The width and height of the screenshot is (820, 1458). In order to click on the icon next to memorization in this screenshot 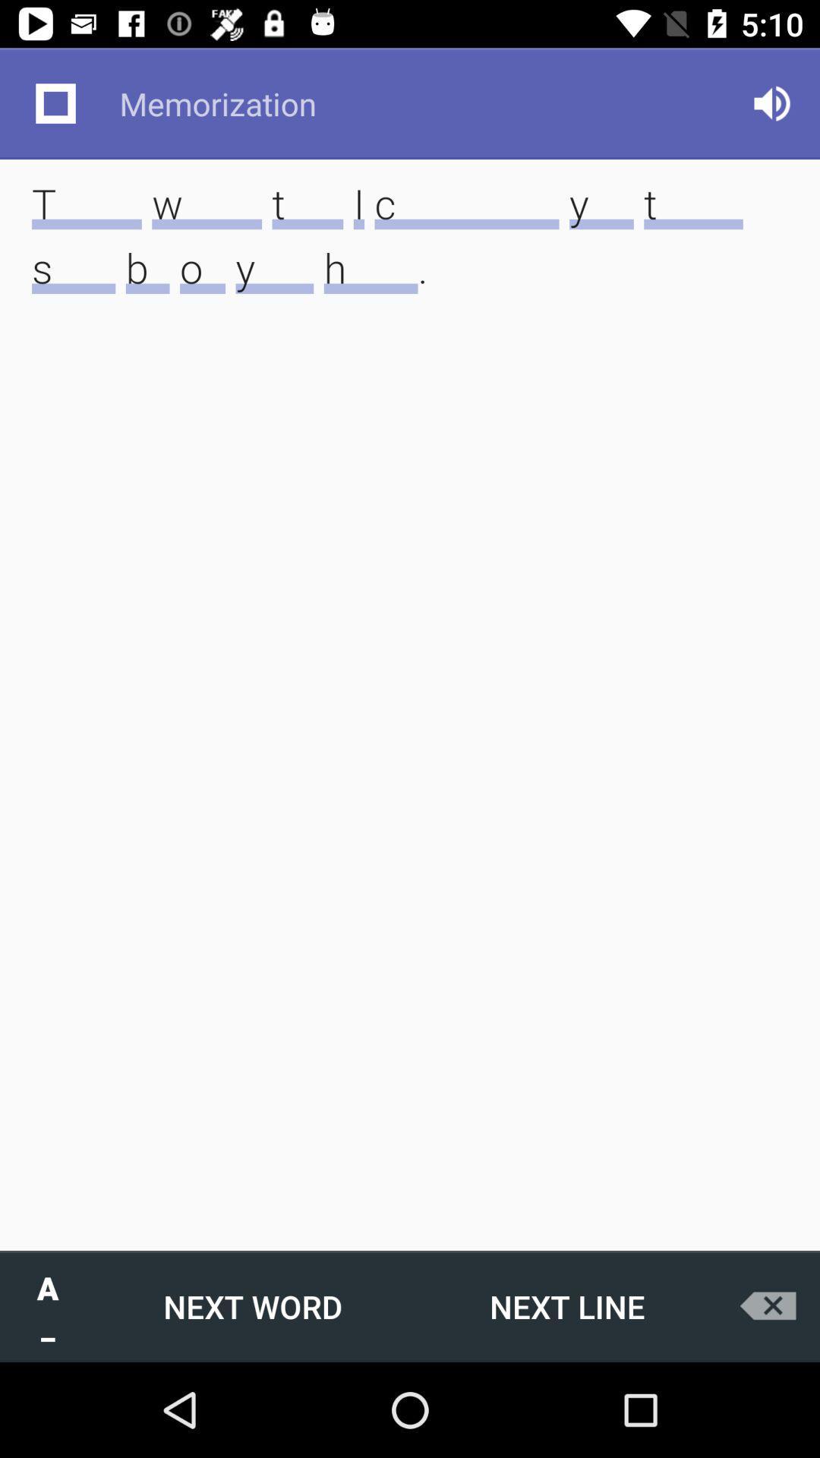, I will do `click(772, 103)`.